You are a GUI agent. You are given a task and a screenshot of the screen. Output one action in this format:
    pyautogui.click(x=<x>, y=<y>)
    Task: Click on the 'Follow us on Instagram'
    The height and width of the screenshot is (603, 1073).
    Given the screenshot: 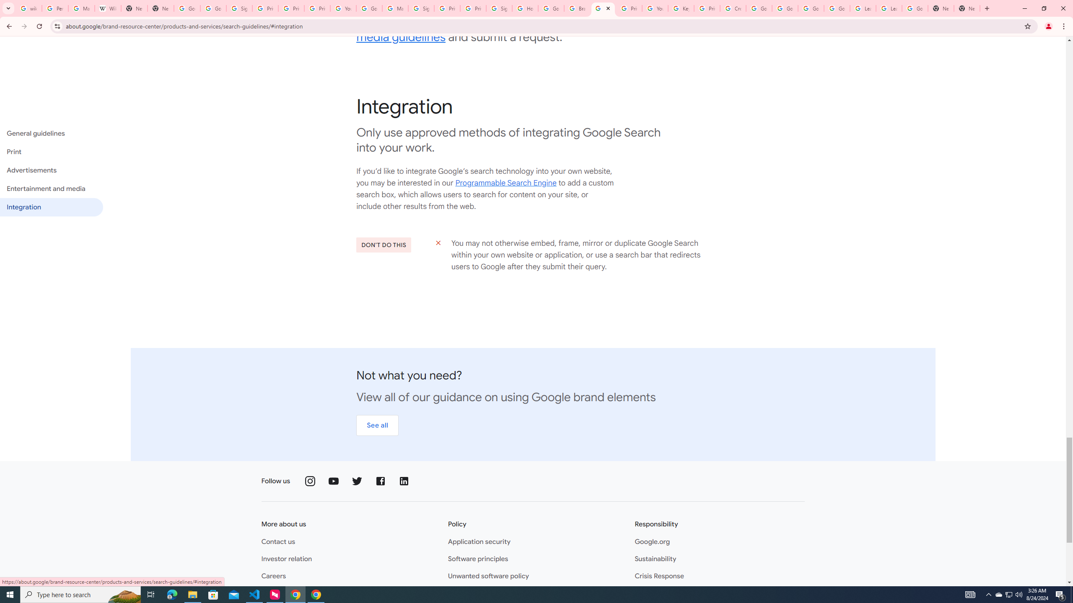 What is the action you would take?
    pyautogui.click(x=311, y=481)
    